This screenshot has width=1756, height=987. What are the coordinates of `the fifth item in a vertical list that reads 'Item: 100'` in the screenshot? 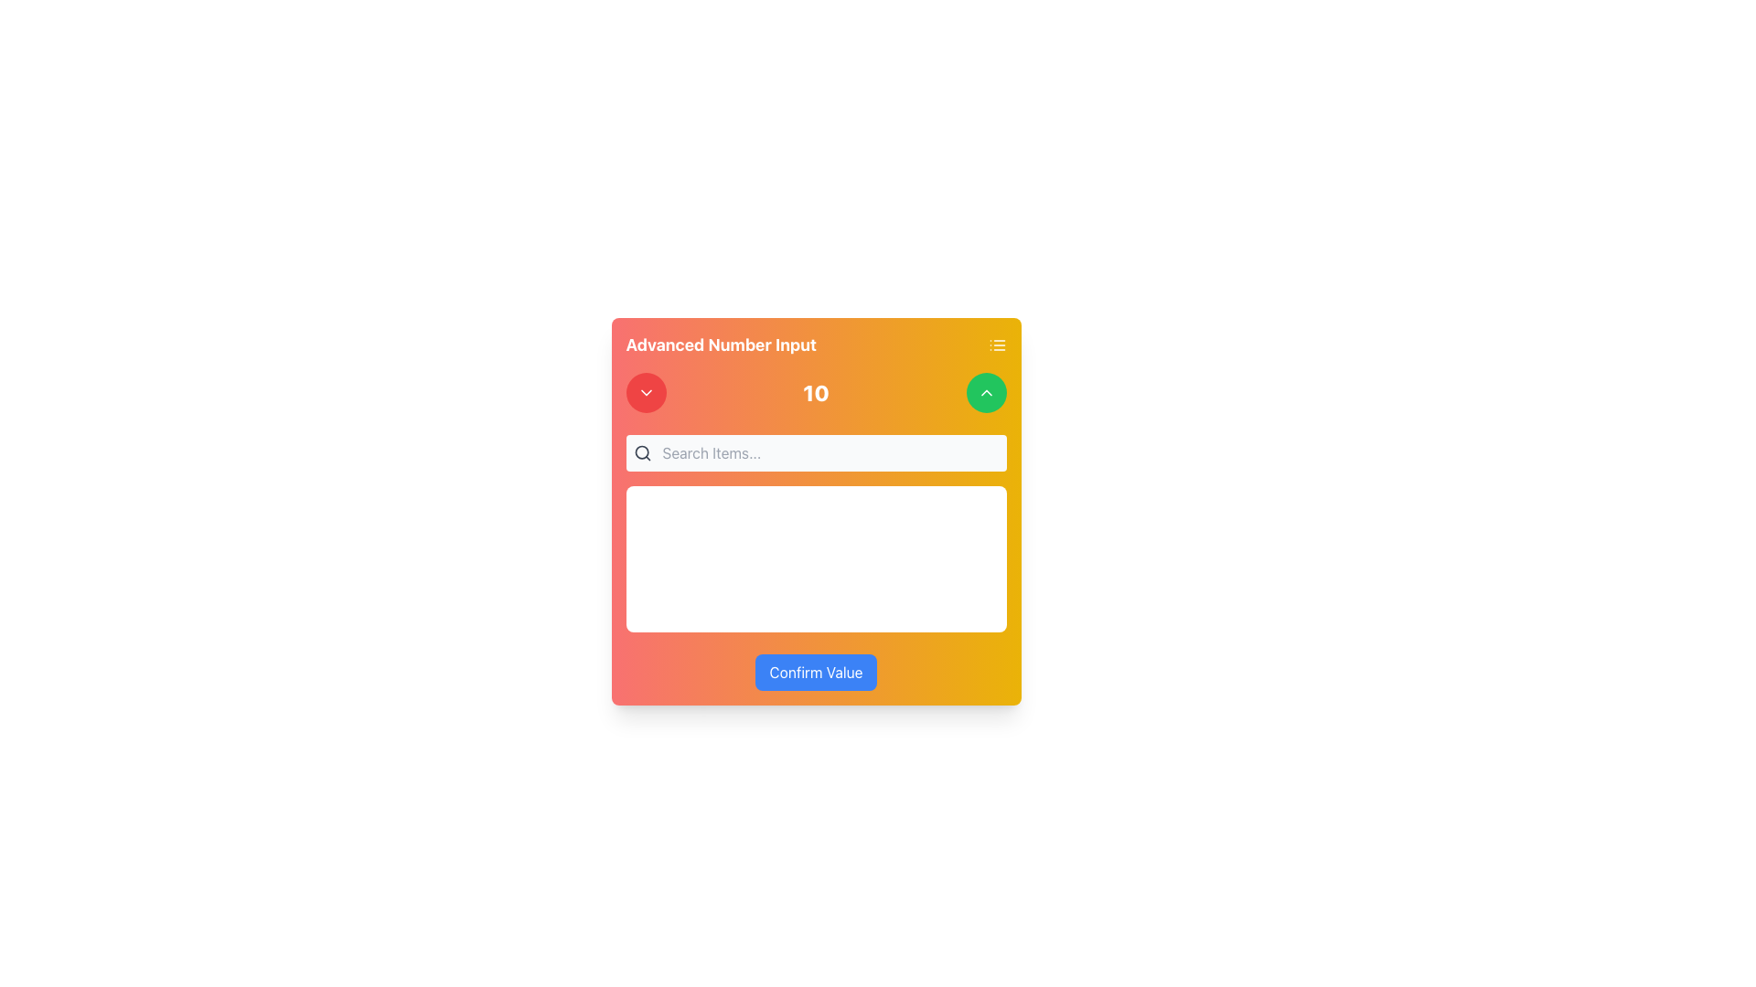 It's located at (815, 650).